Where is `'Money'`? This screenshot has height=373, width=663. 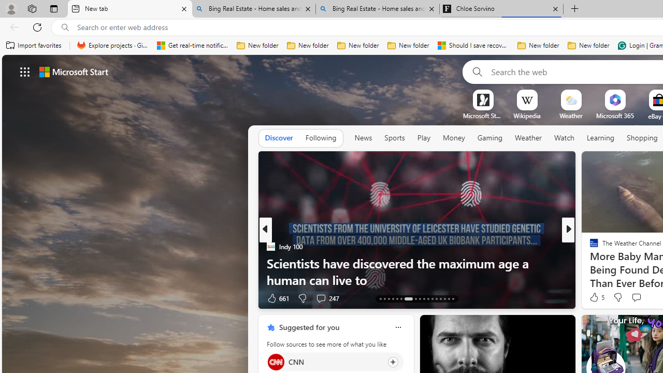
'Money' is located at coordinates (454, 138).